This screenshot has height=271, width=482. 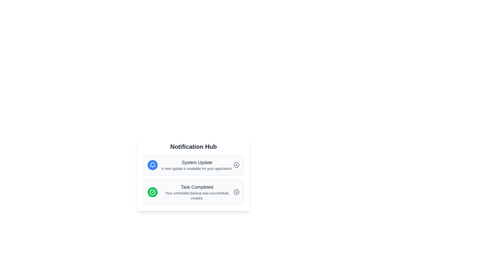 What do you see at coordinates (197, 187) in the screenshot?
I see `the text label displaying 'Task Completed', which is a medium-sized, bold, dark gray text on a white background, located centrally in the lower notification card` at bounding box center [197, 187].